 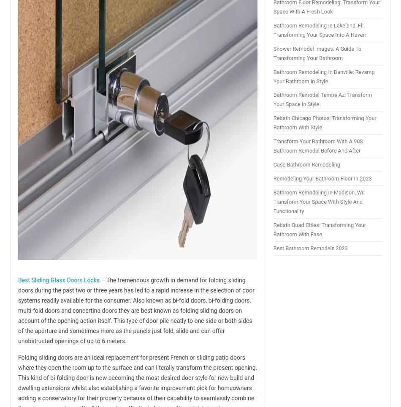 What do you see at coordinates (317, 52) in the screenshot?
I see `'Shower Remodel Images: A Guide To Transforming Your Bathroom'` at bounding box center [317, 52].